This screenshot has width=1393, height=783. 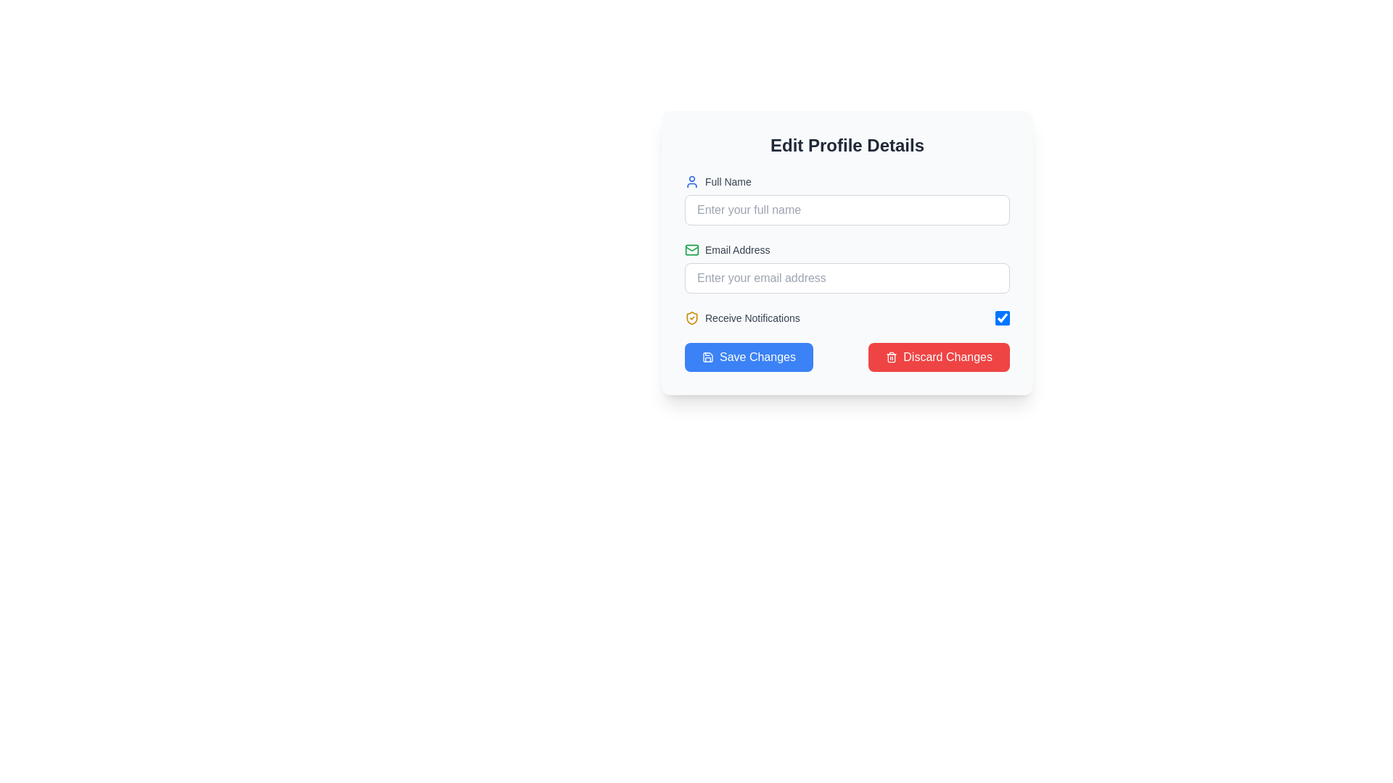 I want to click on the text label displaying 'Receive Notifications', so click(x=752, y=318).